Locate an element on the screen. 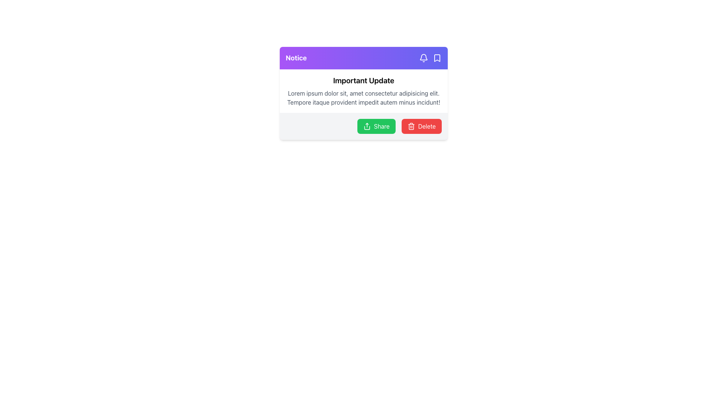 The height and width of the screenshot is (405, 720). the text component displaying the title 'Important Update', which is prominently featured in bold and larger font style, located above the paragraph text and below the purple title bar labeled 'Notice' is located at coordinates (363, 81).